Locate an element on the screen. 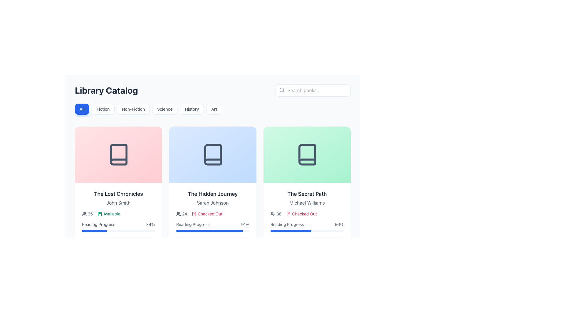 This screenshot has height=317, width=564. the text label that displays the reading progress percentage for a specific book entry, which is positioned to the right of the 'Reading Progress' label is located at coordinates (339, 224).